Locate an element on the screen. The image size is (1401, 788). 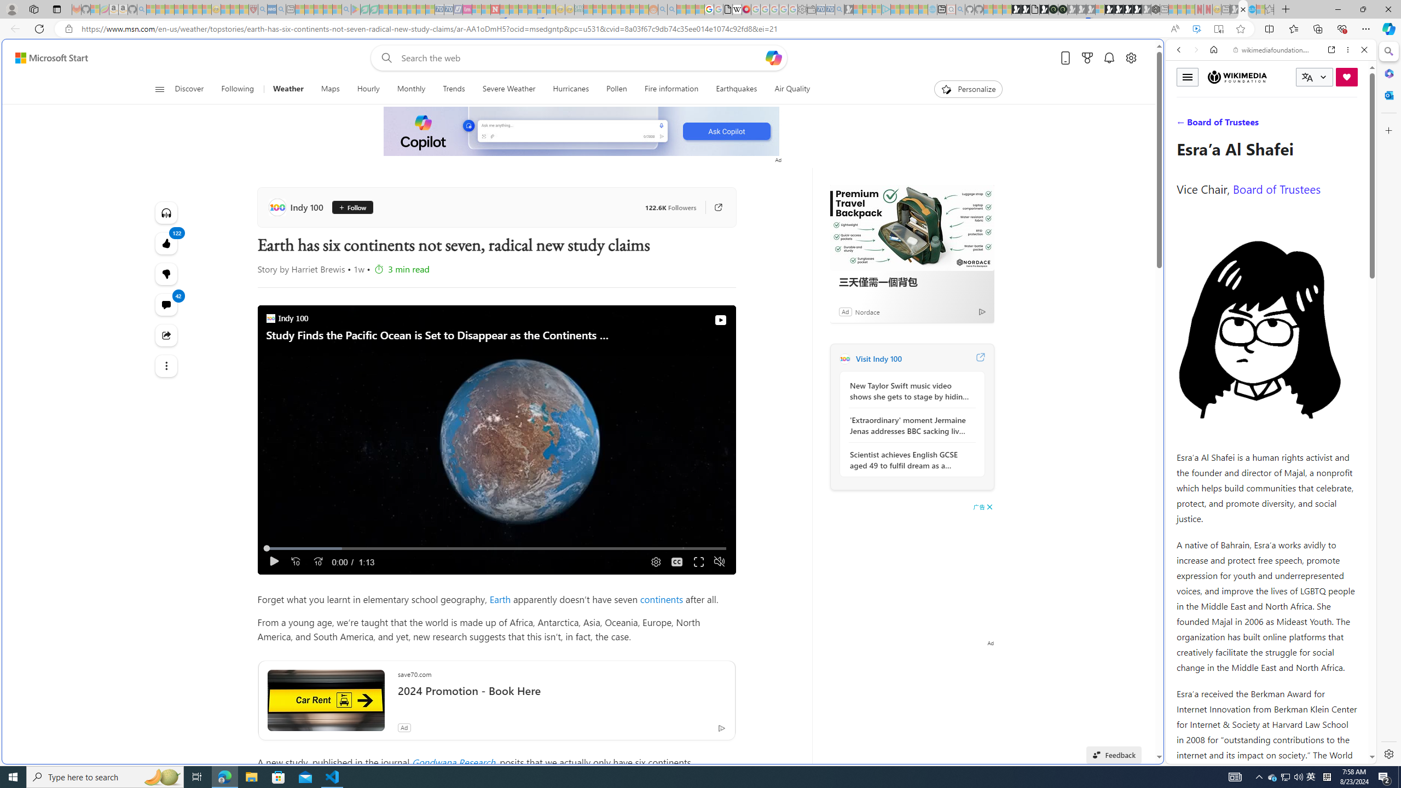
'Visit Indy 100 website' is located at coordinates (979, 358).